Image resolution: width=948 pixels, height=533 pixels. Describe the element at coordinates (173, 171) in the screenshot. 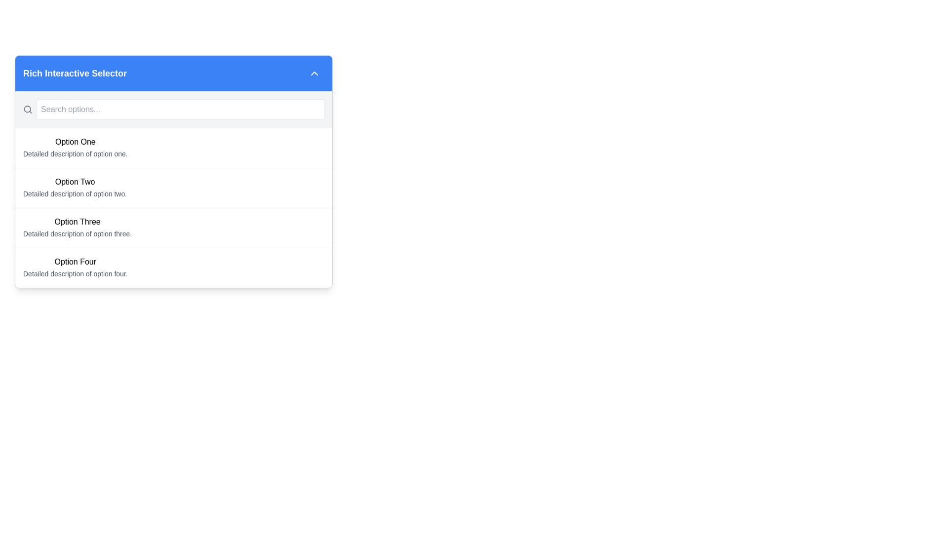

I see `the second option in the selectable list item` at that location.